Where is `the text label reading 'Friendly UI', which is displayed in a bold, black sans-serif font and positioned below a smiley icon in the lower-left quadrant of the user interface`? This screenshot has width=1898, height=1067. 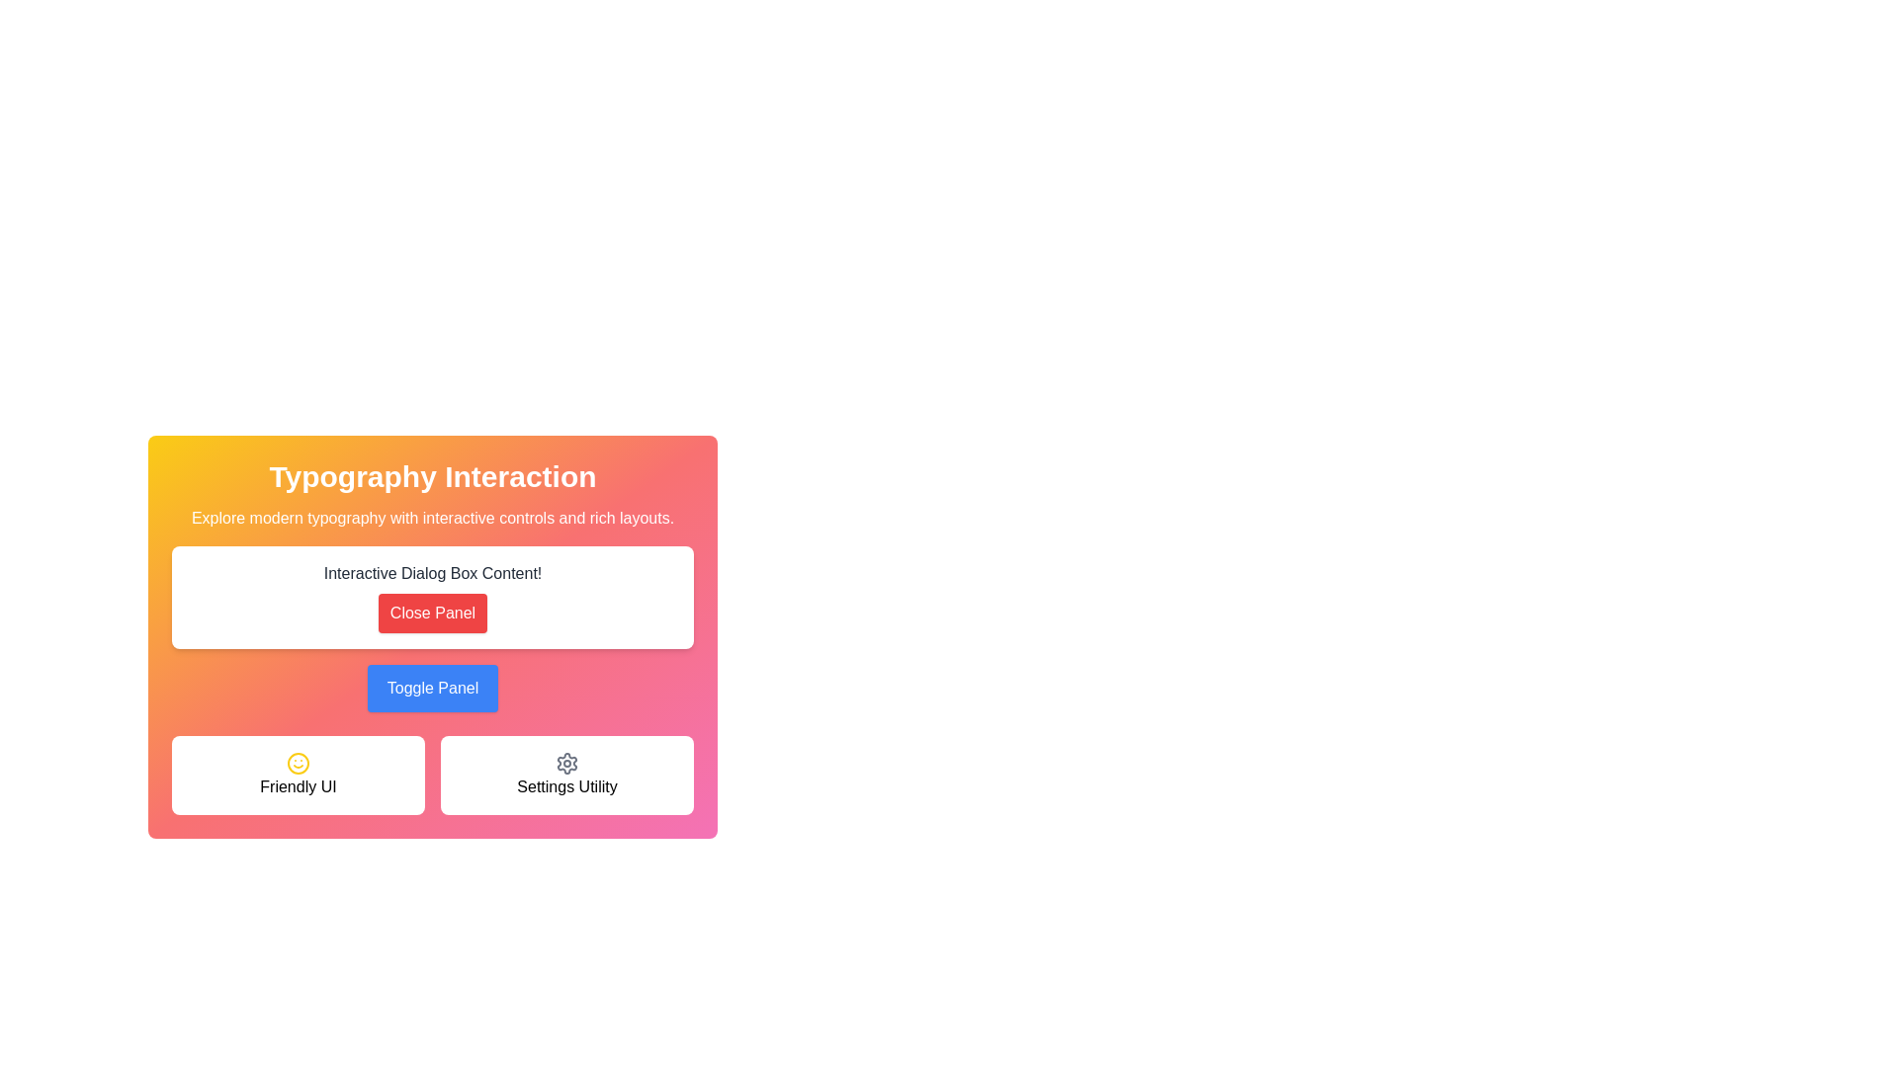
the text label reading 'Friendly UI', which is displayed in a bold, black sans-serif font and positioned below a smiley icon in the lower-left quadrant of the user interface is located at coordinates (298, 786).